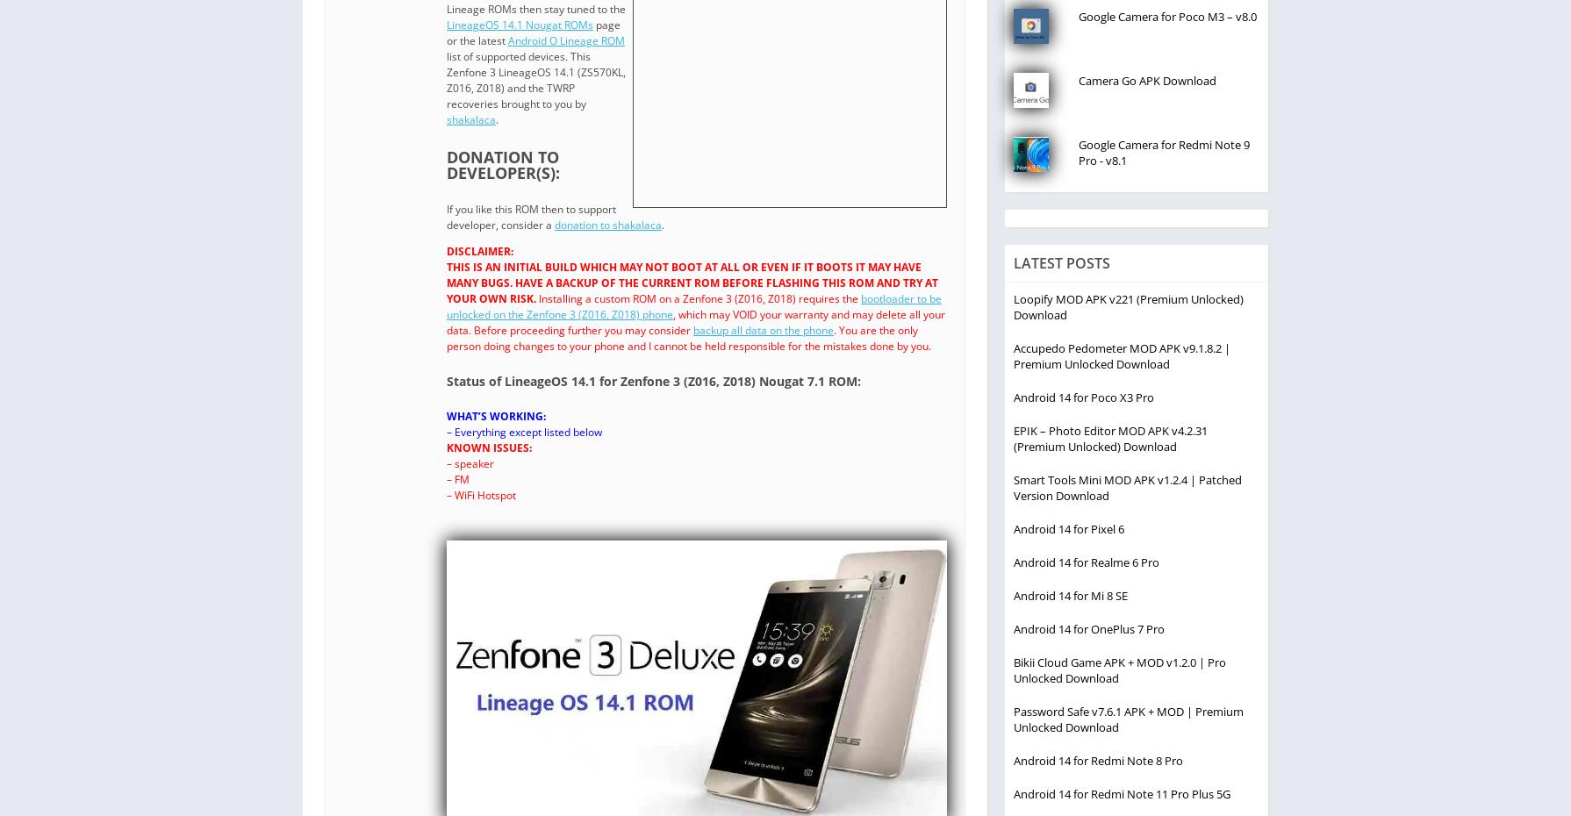  Describe the element at coordinates (694, 321) in the screenshot. I see `', which may VOID your warranty and may delete all your data. Before proceeding further you may consider'` at that location.